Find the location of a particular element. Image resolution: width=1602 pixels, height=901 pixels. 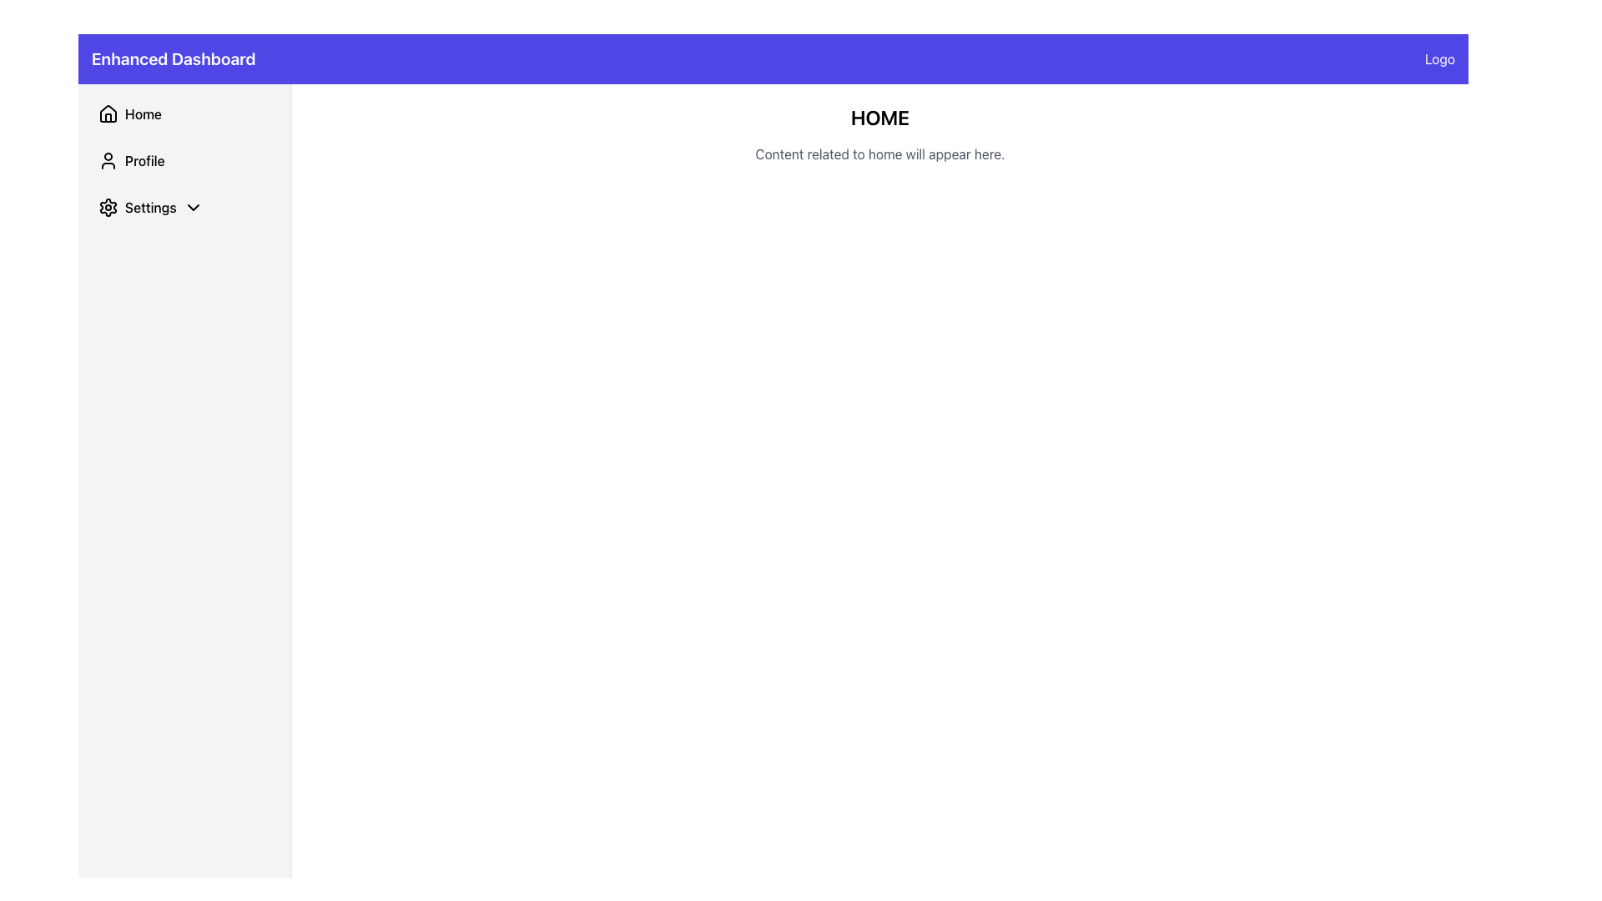

the user profile icon, which is represented as a simple human figure outline with a black outline, located in the left vertical navigation panel next to the 'Profile' text is located at coordinates (107, 160).